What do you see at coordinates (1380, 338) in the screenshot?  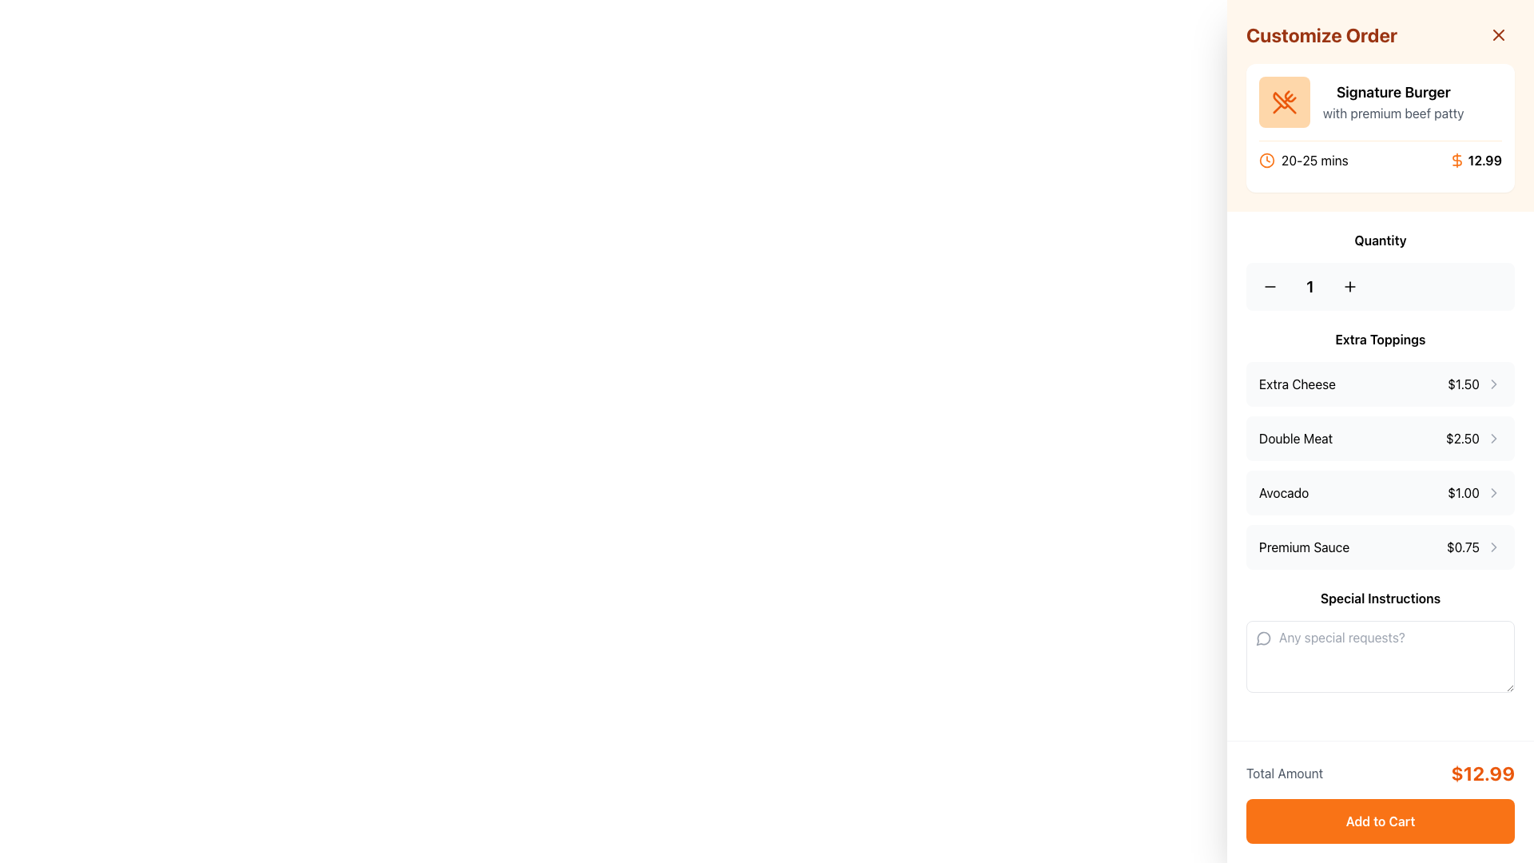 I see `the Text Label that serves as a title or section header, located below the 'Quantity' section and above the list of extra toppings such as 'Extra Cheese' and 'Double Meat'` at bounding box center [1380, 338].